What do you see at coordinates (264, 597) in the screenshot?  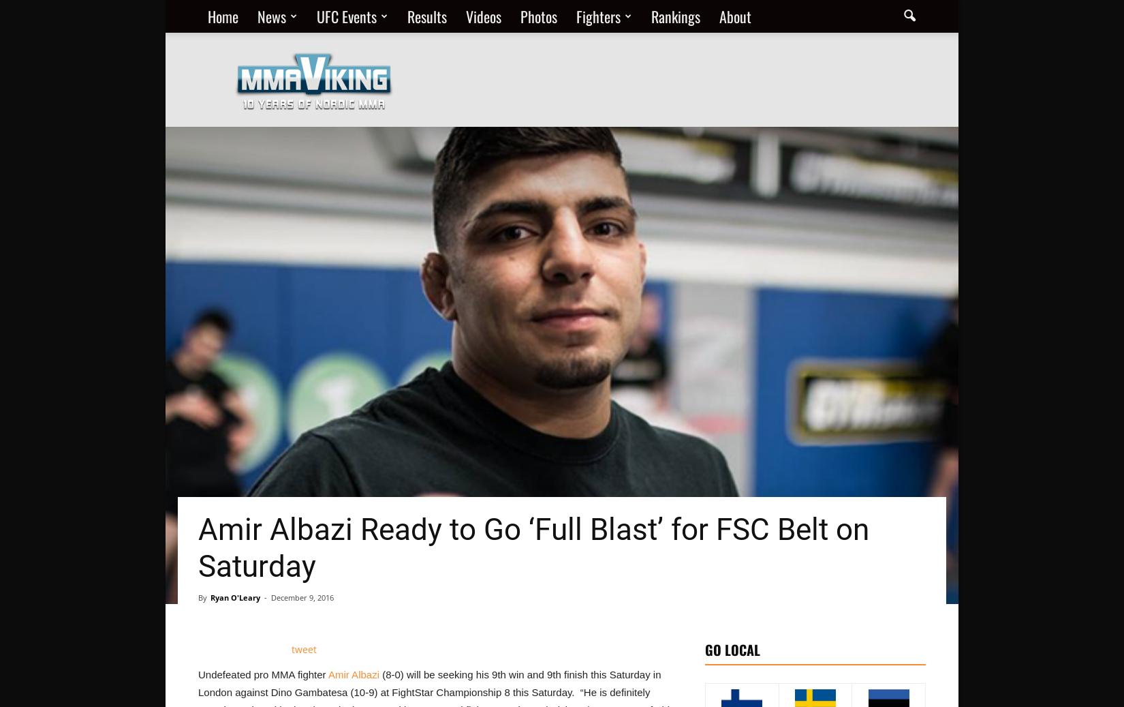 I see `'-'` at bounding box center [264, 597].